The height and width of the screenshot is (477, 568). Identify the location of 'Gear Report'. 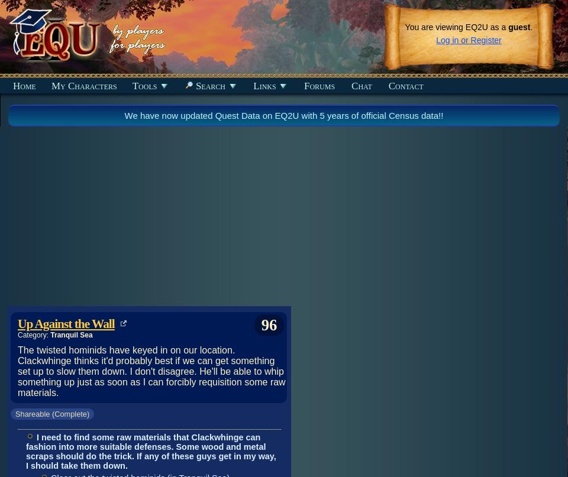
(31, 205).